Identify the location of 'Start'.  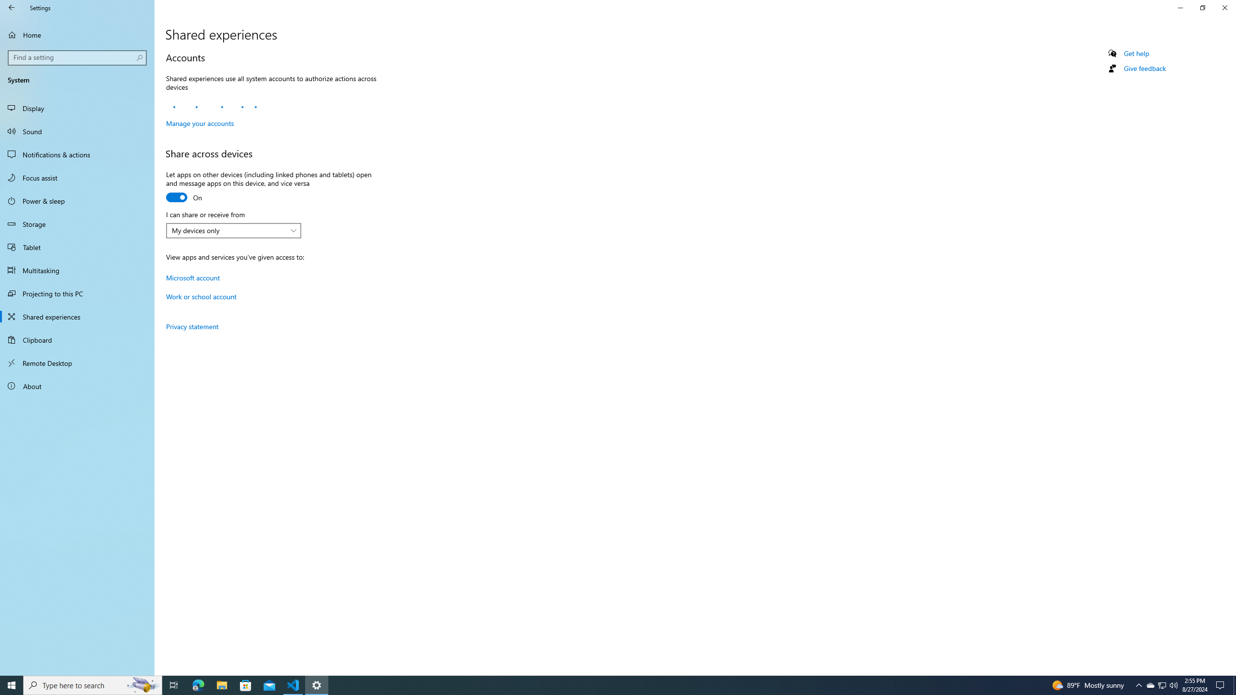
(12, 684).